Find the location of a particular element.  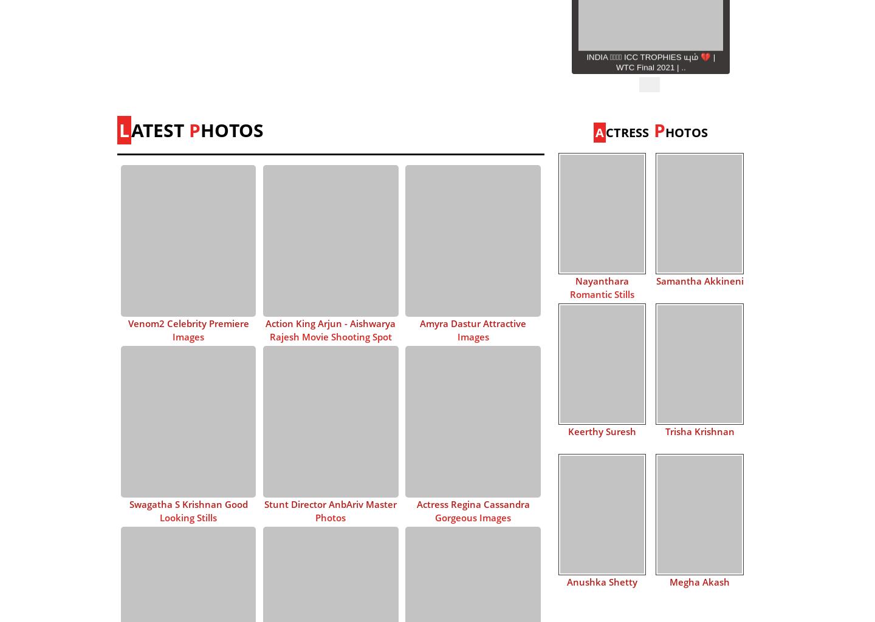

'Vikram Full Cast 💥 | Kamal Haasan | VJS | Lokesh K..' is located at coordinates (650, 398).